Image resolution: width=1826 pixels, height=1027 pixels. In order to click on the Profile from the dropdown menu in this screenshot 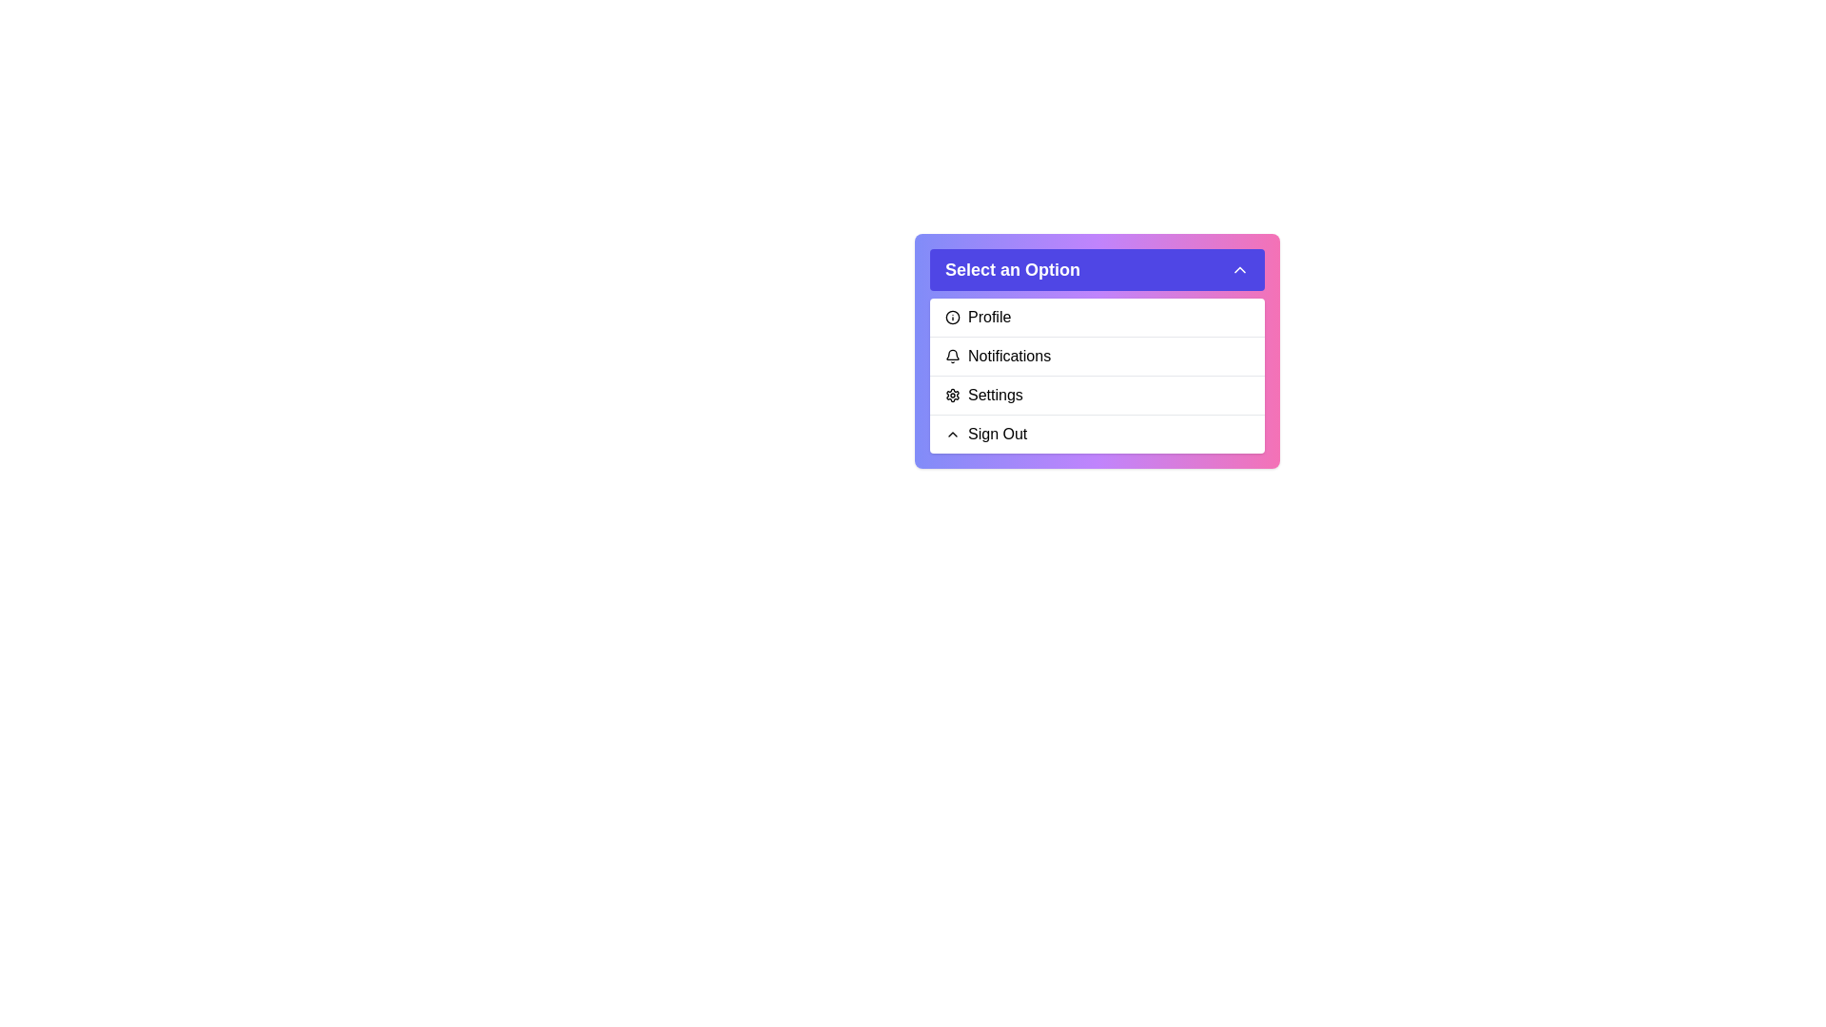, I will do `click(1097, 317)`.